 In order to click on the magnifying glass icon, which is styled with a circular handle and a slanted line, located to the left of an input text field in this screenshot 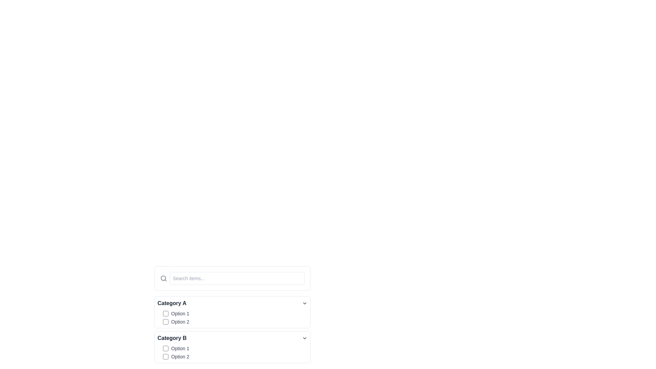, I will do `click(163, 278)`.